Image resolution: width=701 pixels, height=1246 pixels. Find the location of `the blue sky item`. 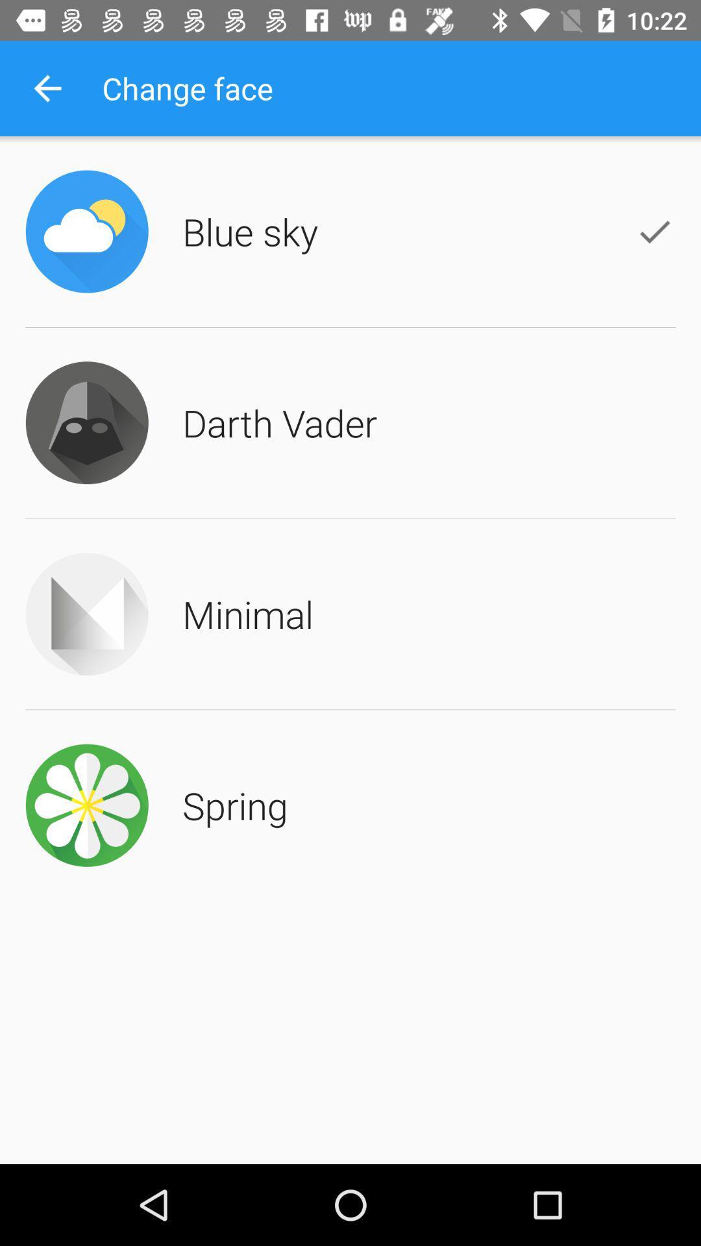

the blue sky item is located at coordinates (250, 231).